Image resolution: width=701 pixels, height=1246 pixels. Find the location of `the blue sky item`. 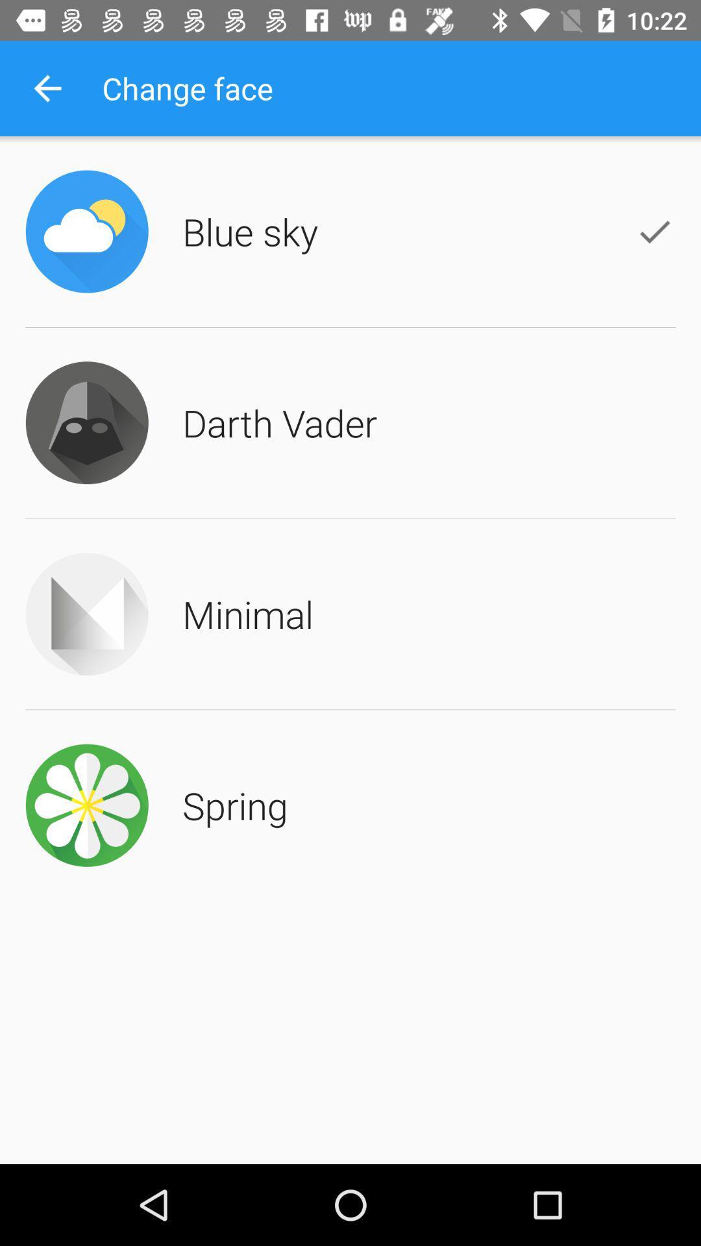

the blue sky item is located at coordinates (250, 231).